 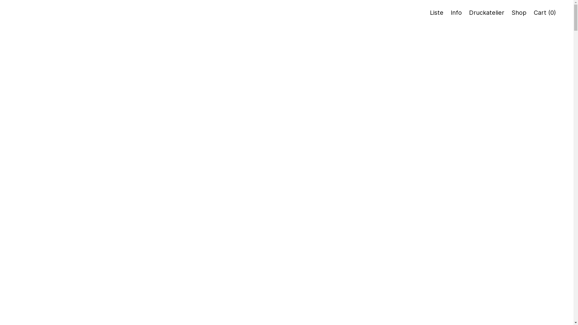 What do you see at coordinates (533, 13) in the screenshot?
I see `'Cart (0)'` at bounding box center [533, 13].